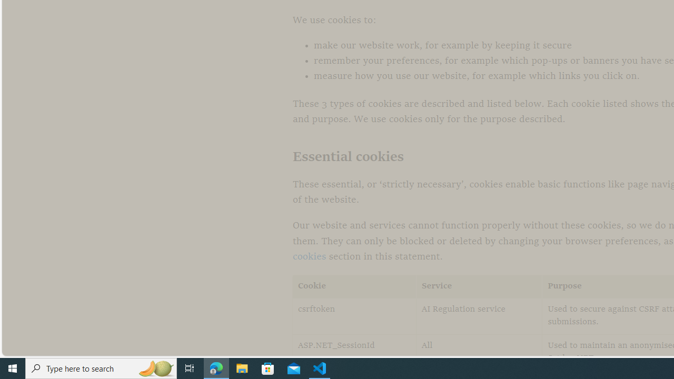 The image size is (674, 379). Describe the element at coordinates (101, 367) in the screenshot. I see `'Type here to search'` at that location.